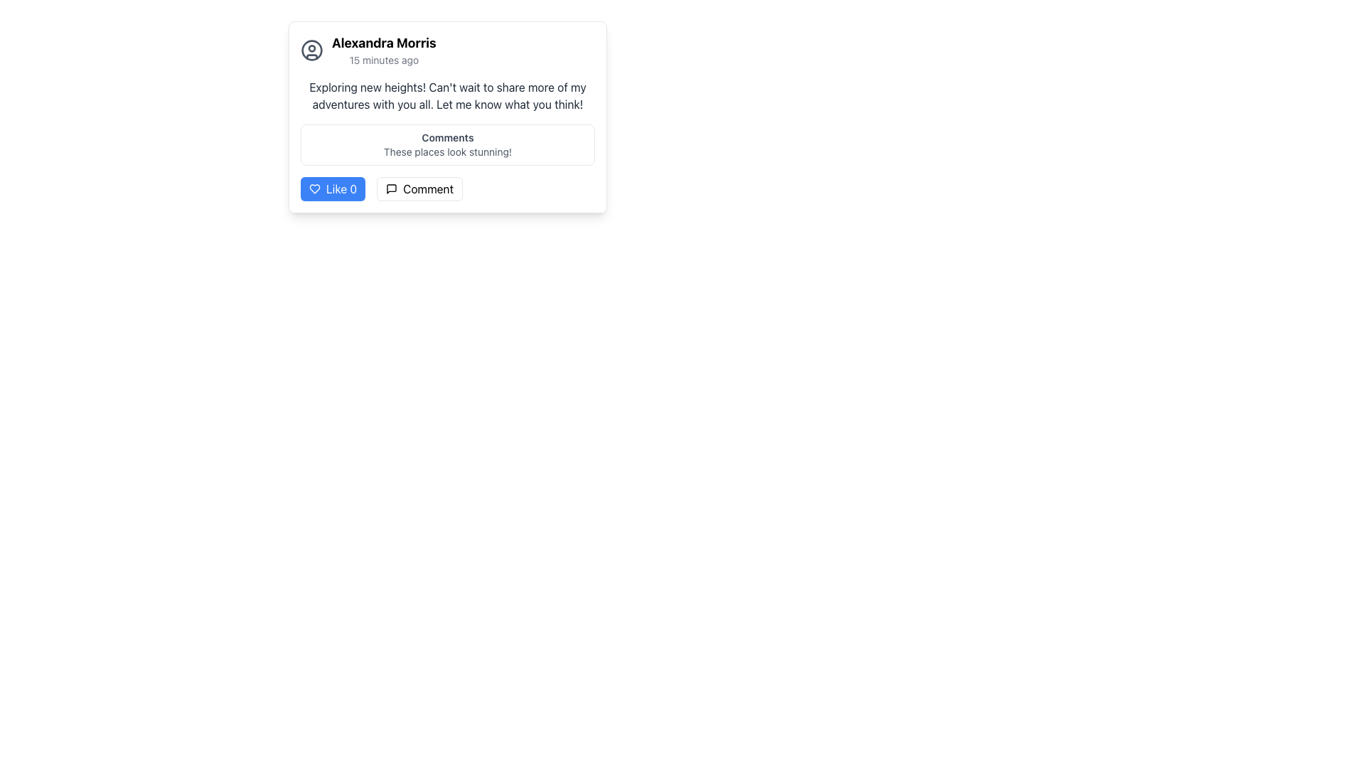 The image size is (1365, 768). I want to click on the text label displaying 'Alexandra Morris' located in the profile header, so click(384, 49).